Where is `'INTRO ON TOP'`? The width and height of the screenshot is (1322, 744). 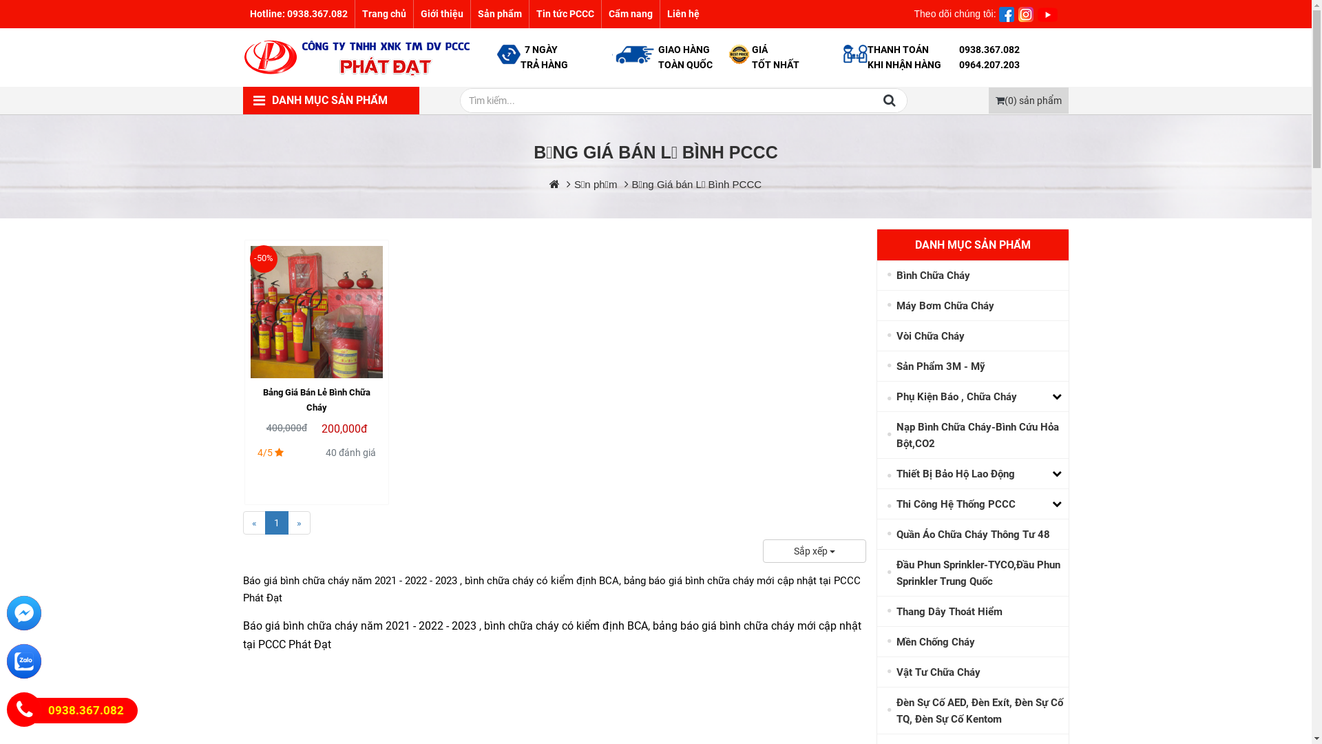 'INTRO ON TOP' is located at coordinates (1018, 14).